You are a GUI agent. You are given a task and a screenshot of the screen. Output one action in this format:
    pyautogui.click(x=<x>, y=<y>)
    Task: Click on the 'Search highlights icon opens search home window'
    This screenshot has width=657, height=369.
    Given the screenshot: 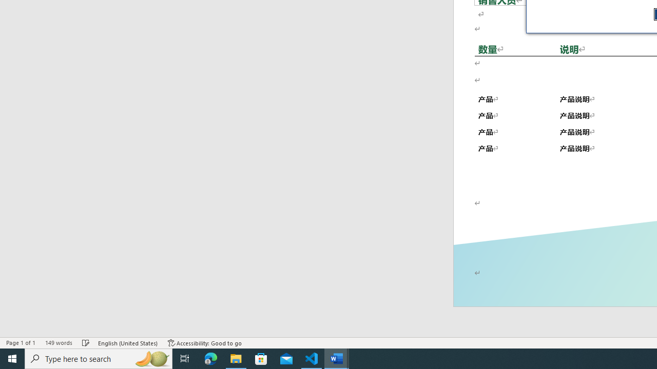 What is the action you would take?
    pyautogui.click(x=151, y=358)
    